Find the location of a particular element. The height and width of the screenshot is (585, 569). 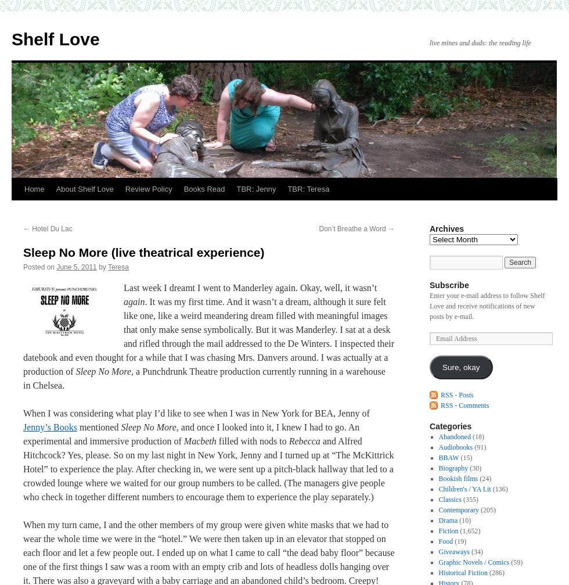

'Sure, okay' is located at coordinates (460, 367).